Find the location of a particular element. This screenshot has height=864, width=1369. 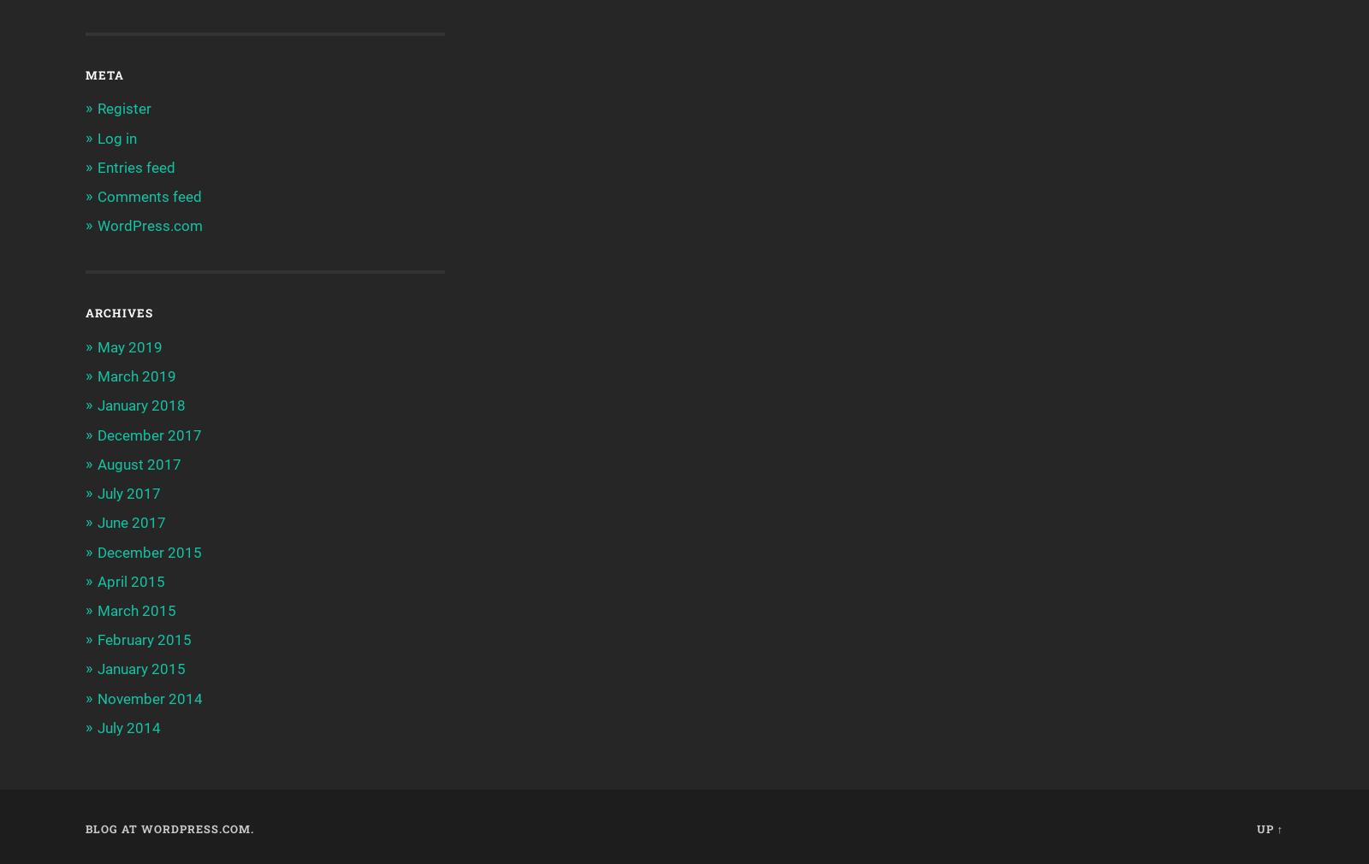

'Up ↑' is located at coordinates (1270, 828).